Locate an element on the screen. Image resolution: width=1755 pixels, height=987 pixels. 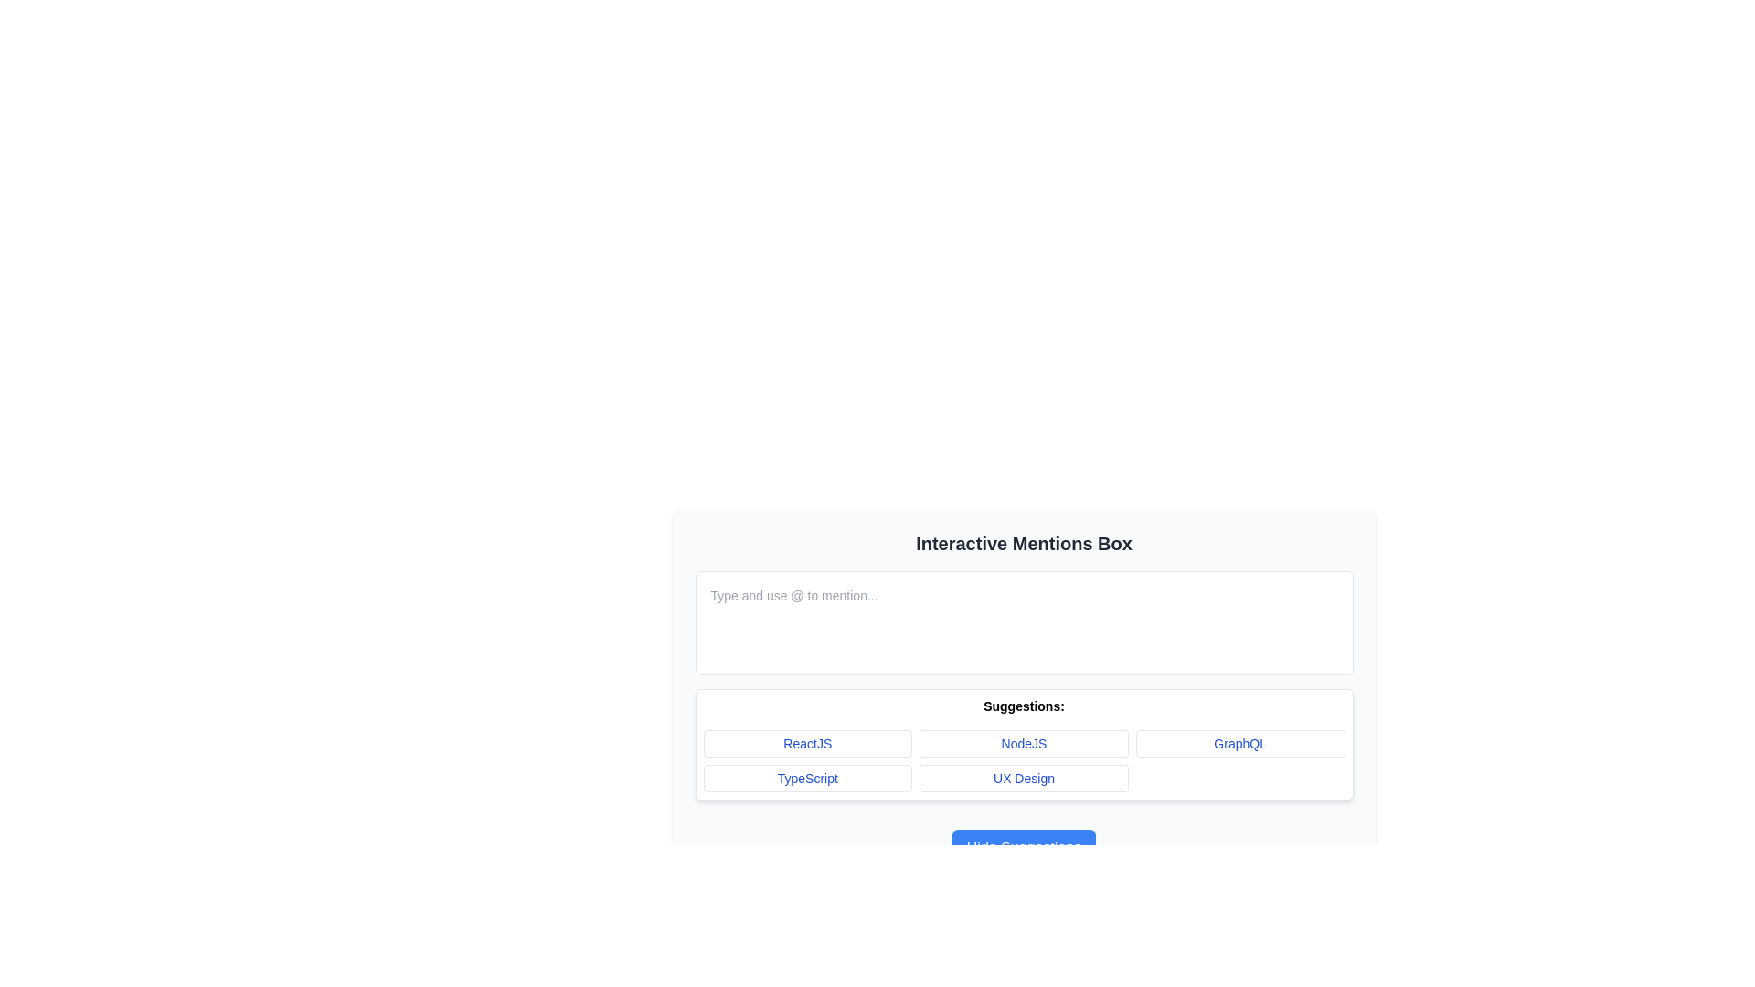
the 'Hide Suggestions' button, which is a rounded button with a blue background and white text, located at the bottom center of the interactive mentions box interface is located at coordinates (1024, 848).